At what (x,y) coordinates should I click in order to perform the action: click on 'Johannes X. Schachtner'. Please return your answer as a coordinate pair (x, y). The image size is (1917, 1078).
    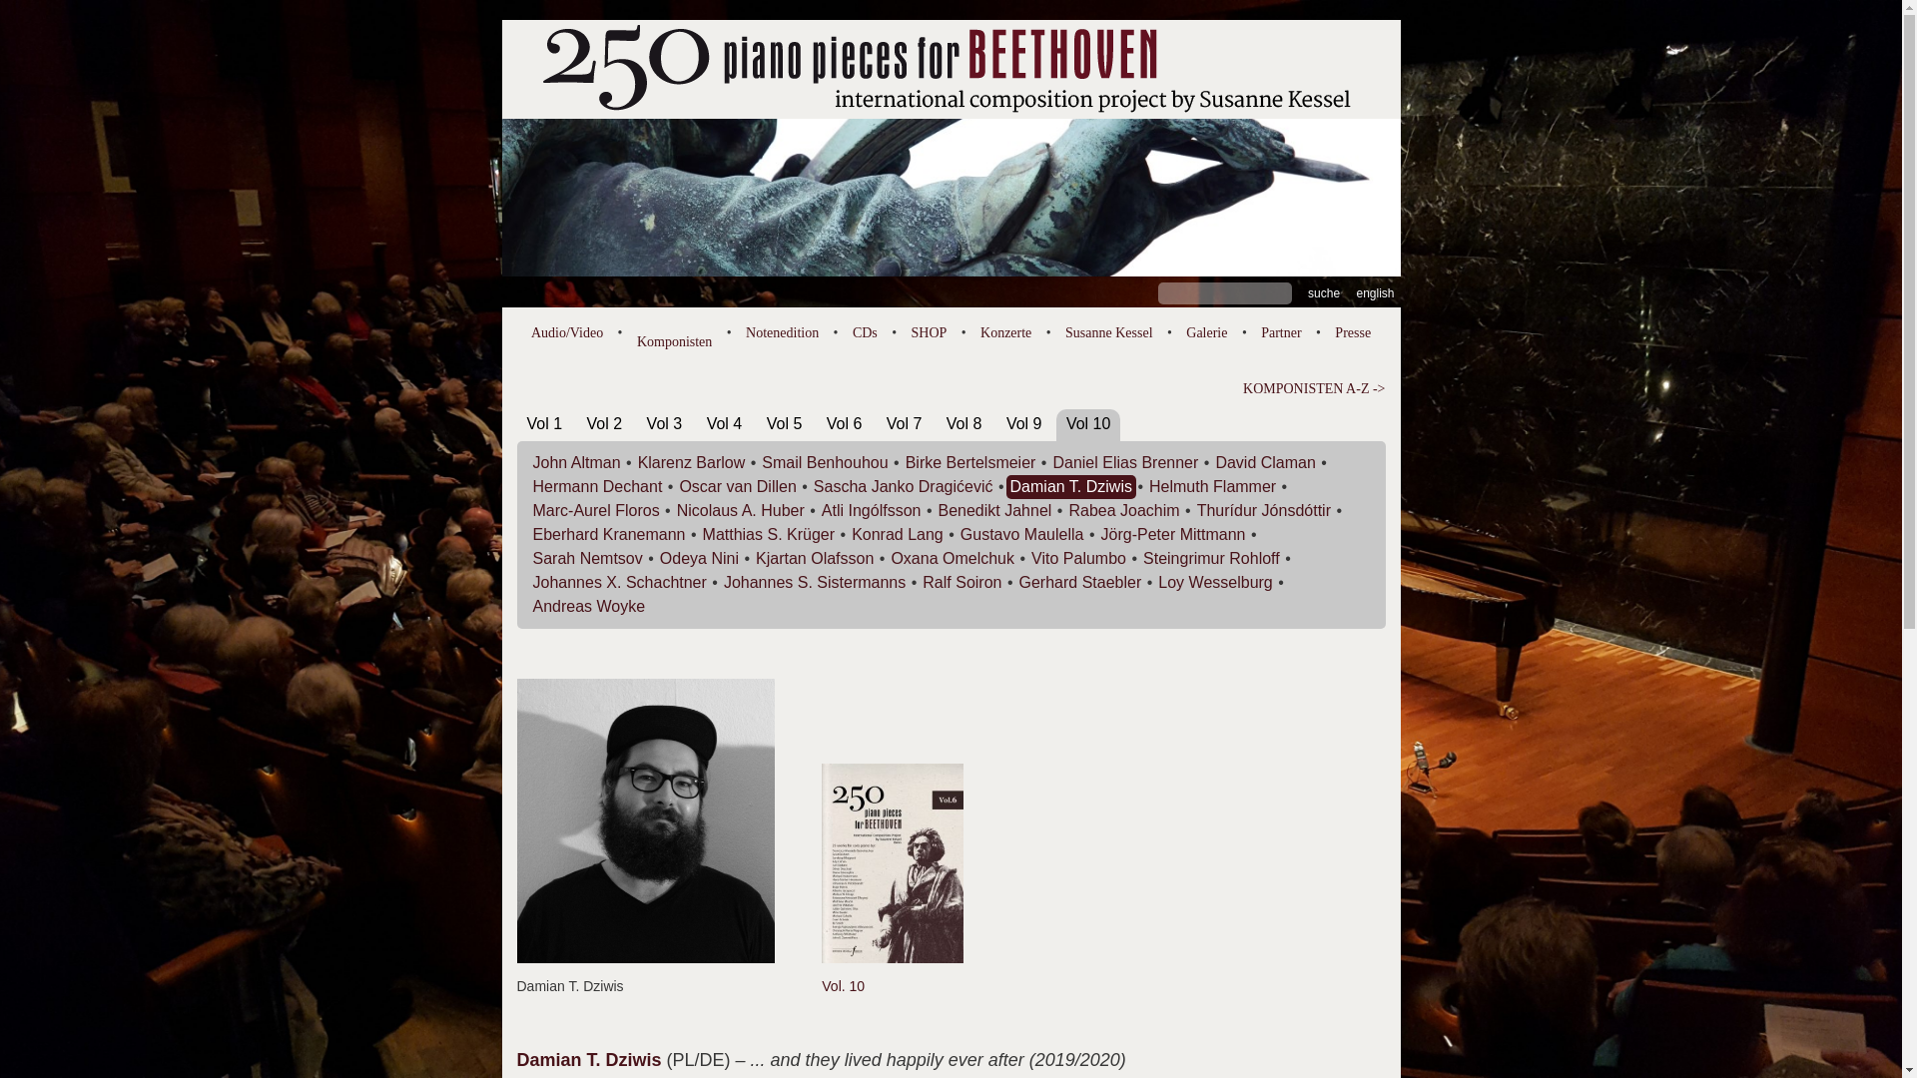
    Looking at the image, I should click on (618, 582).